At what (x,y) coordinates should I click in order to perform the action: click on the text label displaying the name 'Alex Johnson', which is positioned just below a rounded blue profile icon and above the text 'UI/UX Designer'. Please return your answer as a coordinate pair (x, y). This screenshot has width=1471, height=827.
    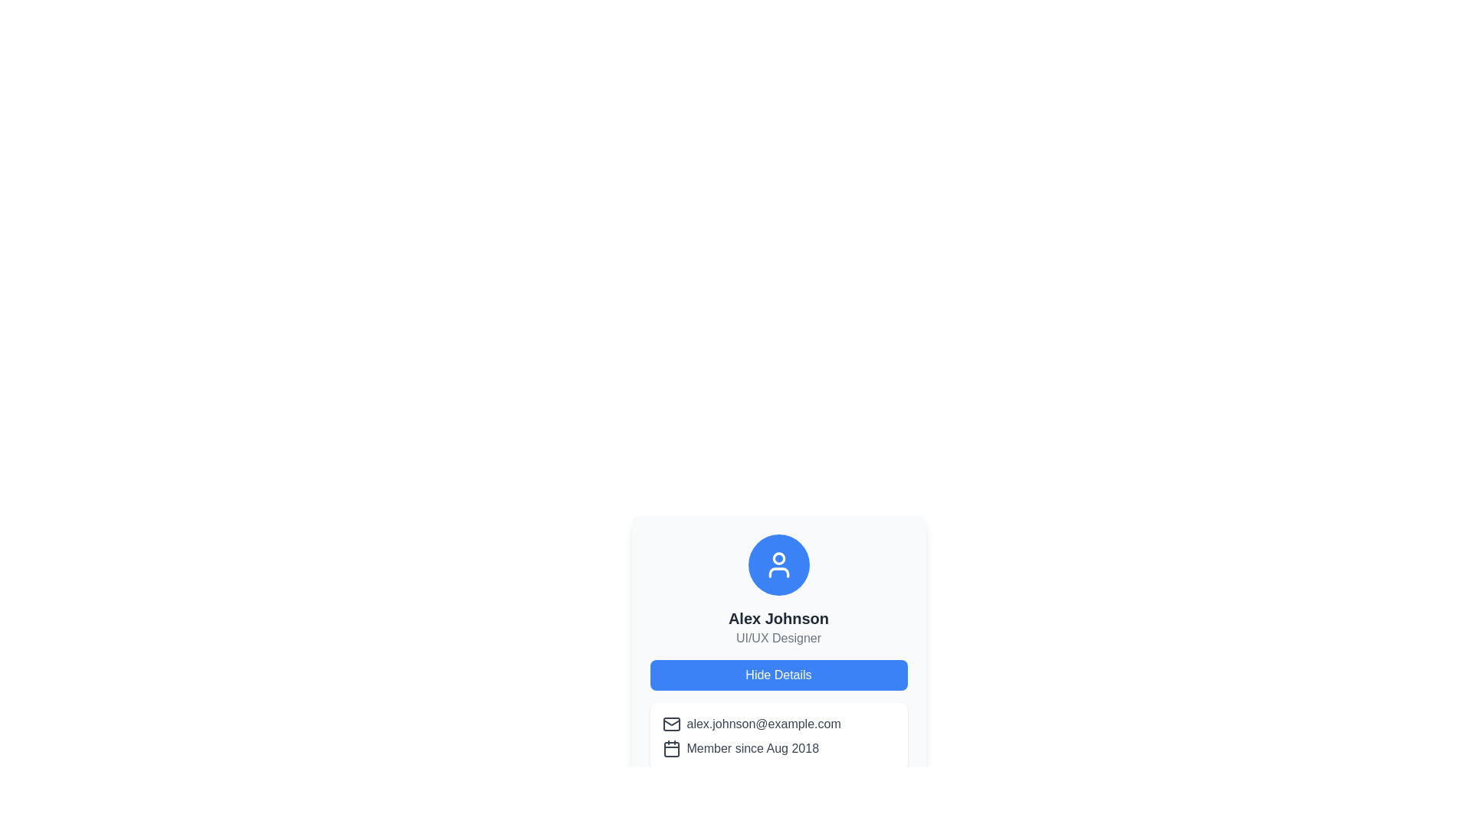
    Looking at the image, I should click on (778, 617).